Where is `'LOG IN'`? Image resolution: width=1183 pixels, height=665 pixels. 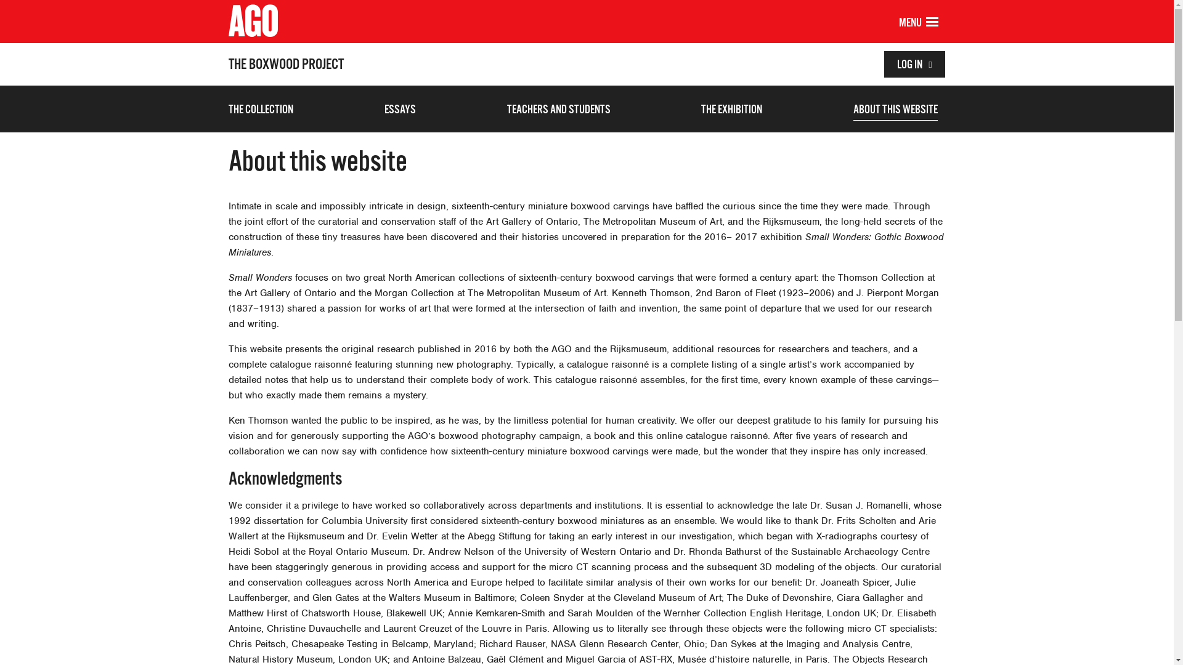
'LOG IN' is located at coordinates (914, 64).